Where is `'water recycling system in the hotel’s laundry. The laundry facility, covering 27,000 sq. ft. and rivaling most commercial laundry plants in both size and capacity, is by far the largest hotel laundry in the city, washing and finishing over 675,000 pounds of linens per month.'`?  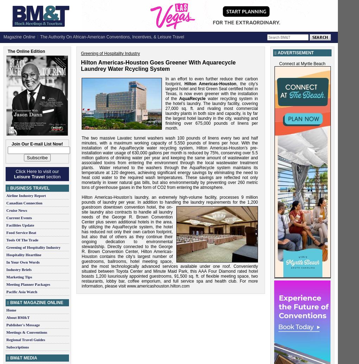
'water recycling system in the hotel’s laundry. The laundry facility, covering 27,000 sq. ft. and rivaling most commercial laundry plants in both size and capacity, is by far the largest hotel laundry in the city, washing and finishing over 675,000 pounds of linens per month.' is located at coordinates (165, 113).